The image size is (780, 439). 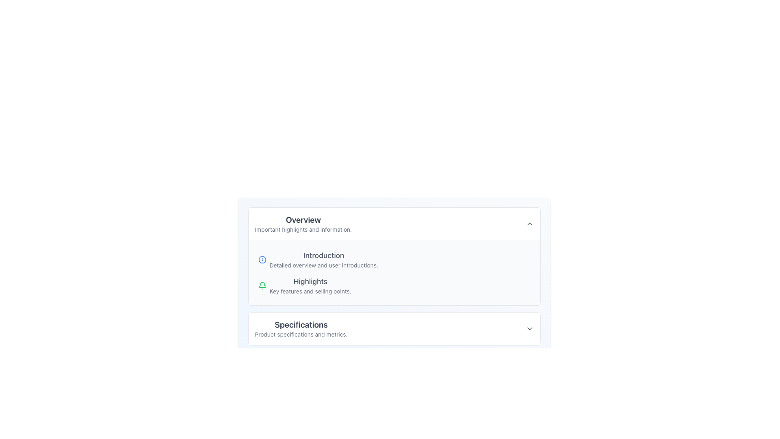 I want to click on the text label displaying 'Detailed overview and user introductions.' which is positioned directly beneath the 'Introduction' header, so click(x=323, y=265).